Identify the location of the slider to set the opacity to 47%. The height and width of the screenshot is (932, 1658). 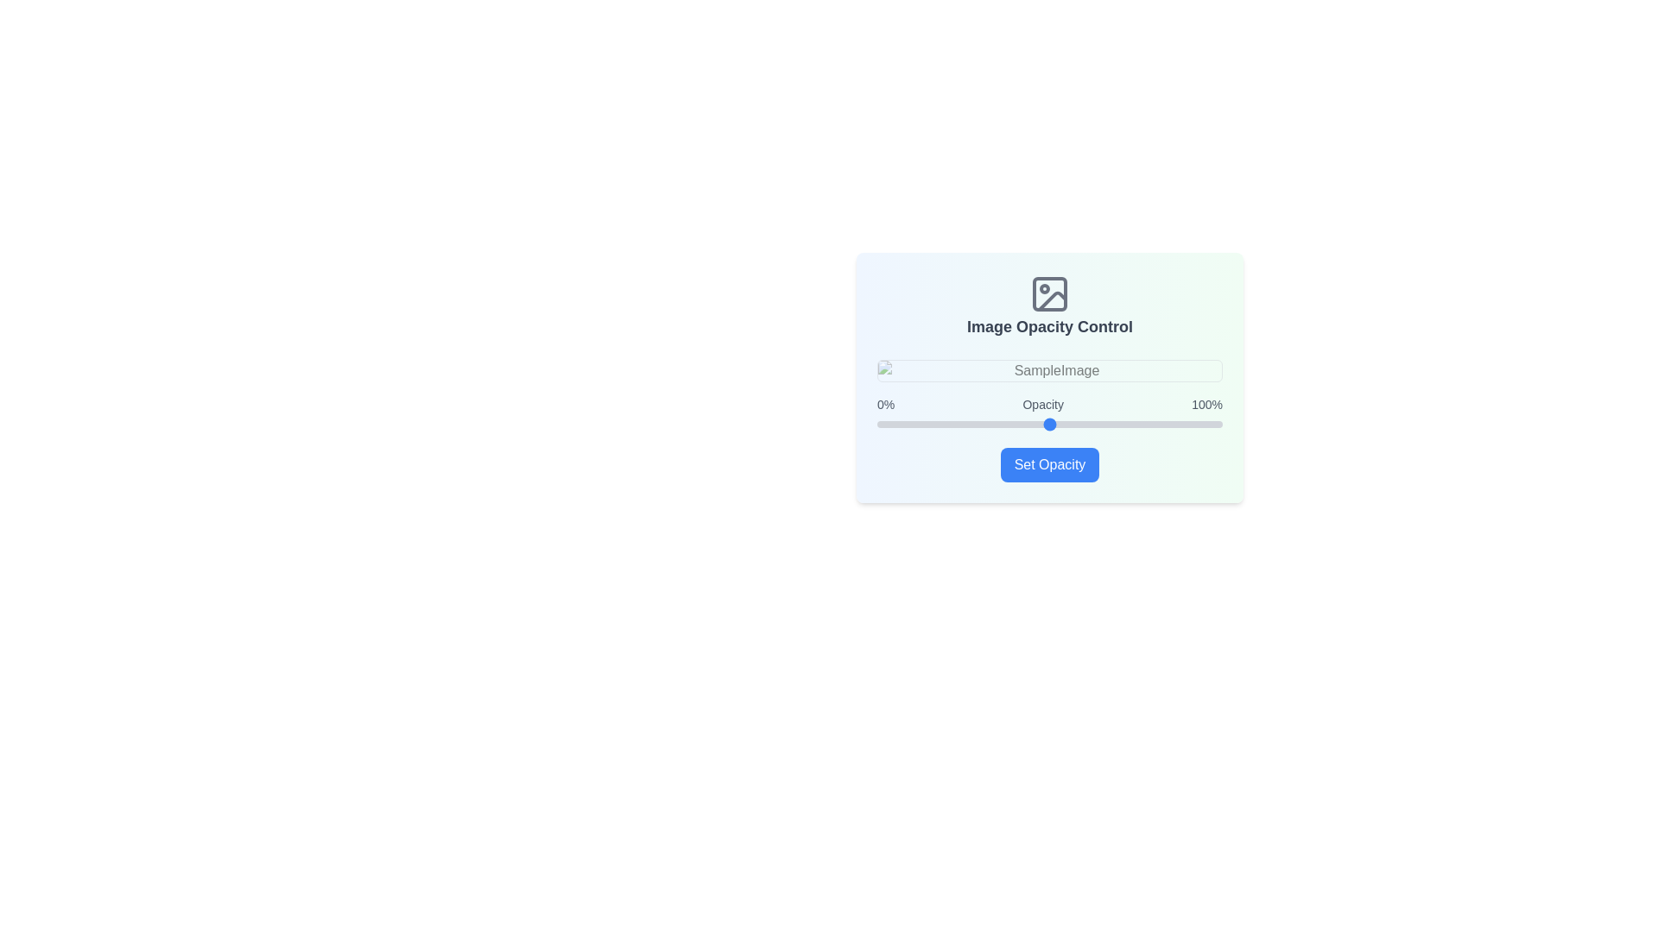
(1039, 425).